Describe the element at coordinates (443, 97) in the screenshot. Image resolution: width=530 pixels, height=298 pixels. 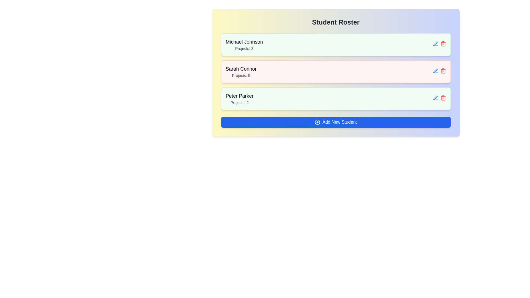
I see `the delete button for the student named Peter Parker` at that location.